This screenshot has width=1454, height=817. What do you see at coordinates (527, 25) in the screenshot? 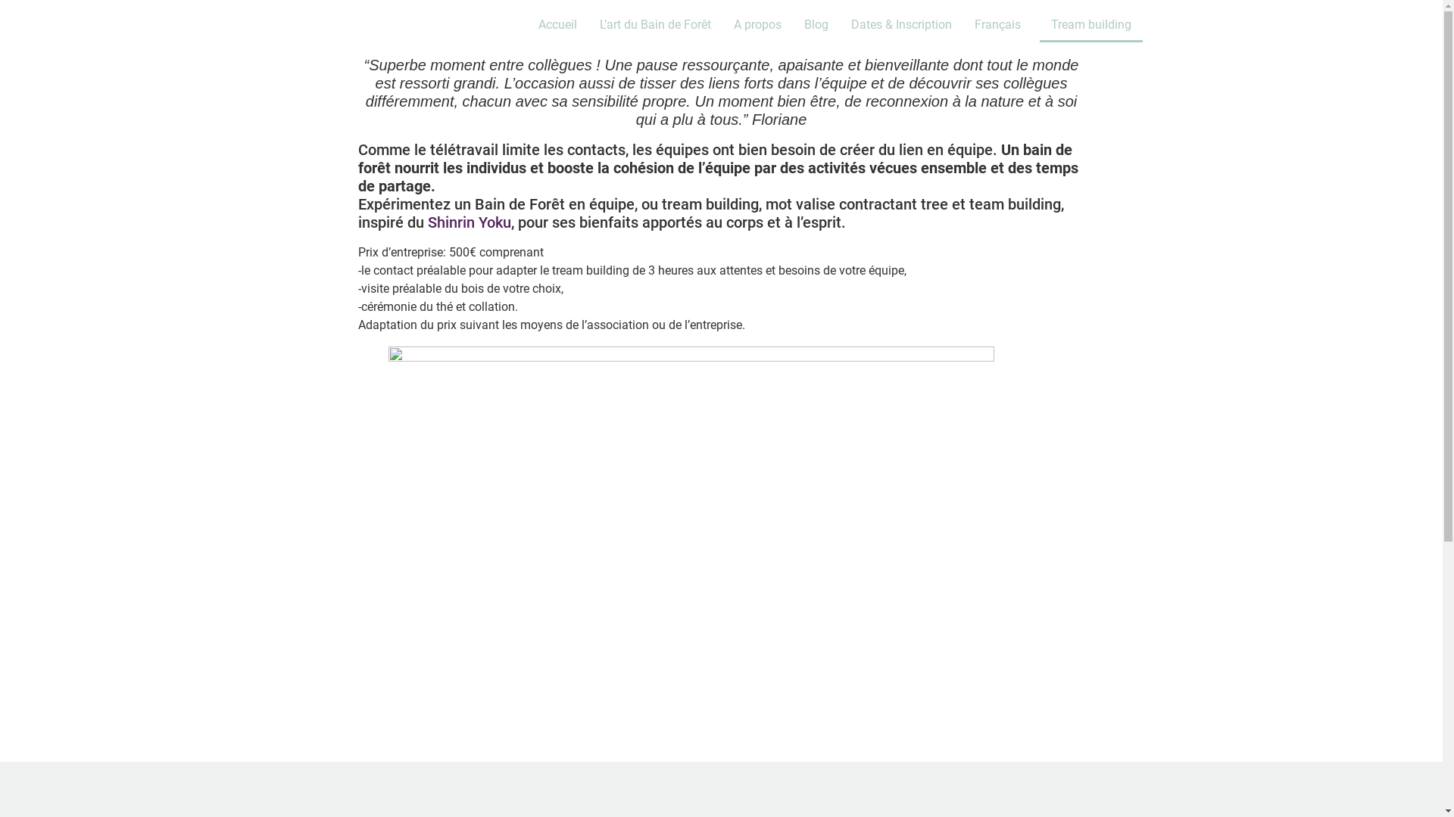
I see `'Accueil'` at bounding box center [527, 25].